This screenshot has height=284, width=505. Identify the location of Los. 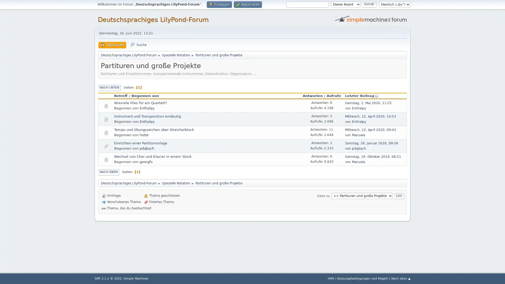
(399, 196).